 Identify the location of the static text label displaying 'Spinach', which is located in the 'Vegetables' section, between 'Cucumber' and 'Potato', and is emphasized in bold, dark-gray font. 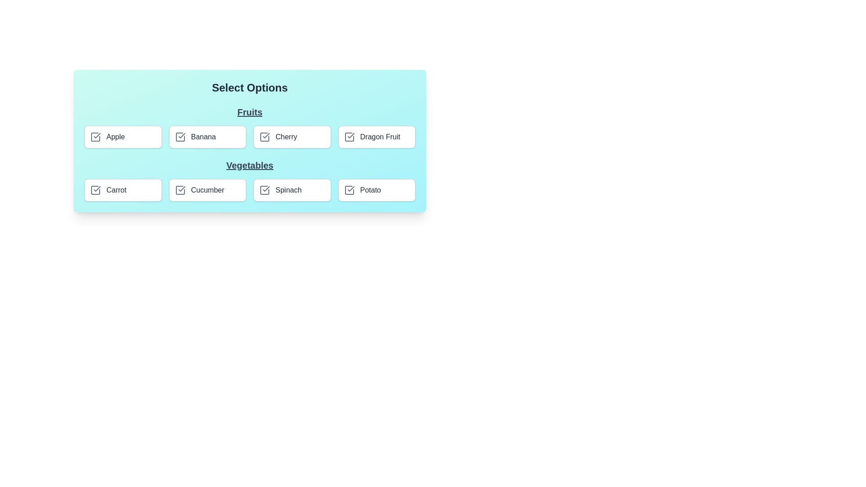
(288, 189).